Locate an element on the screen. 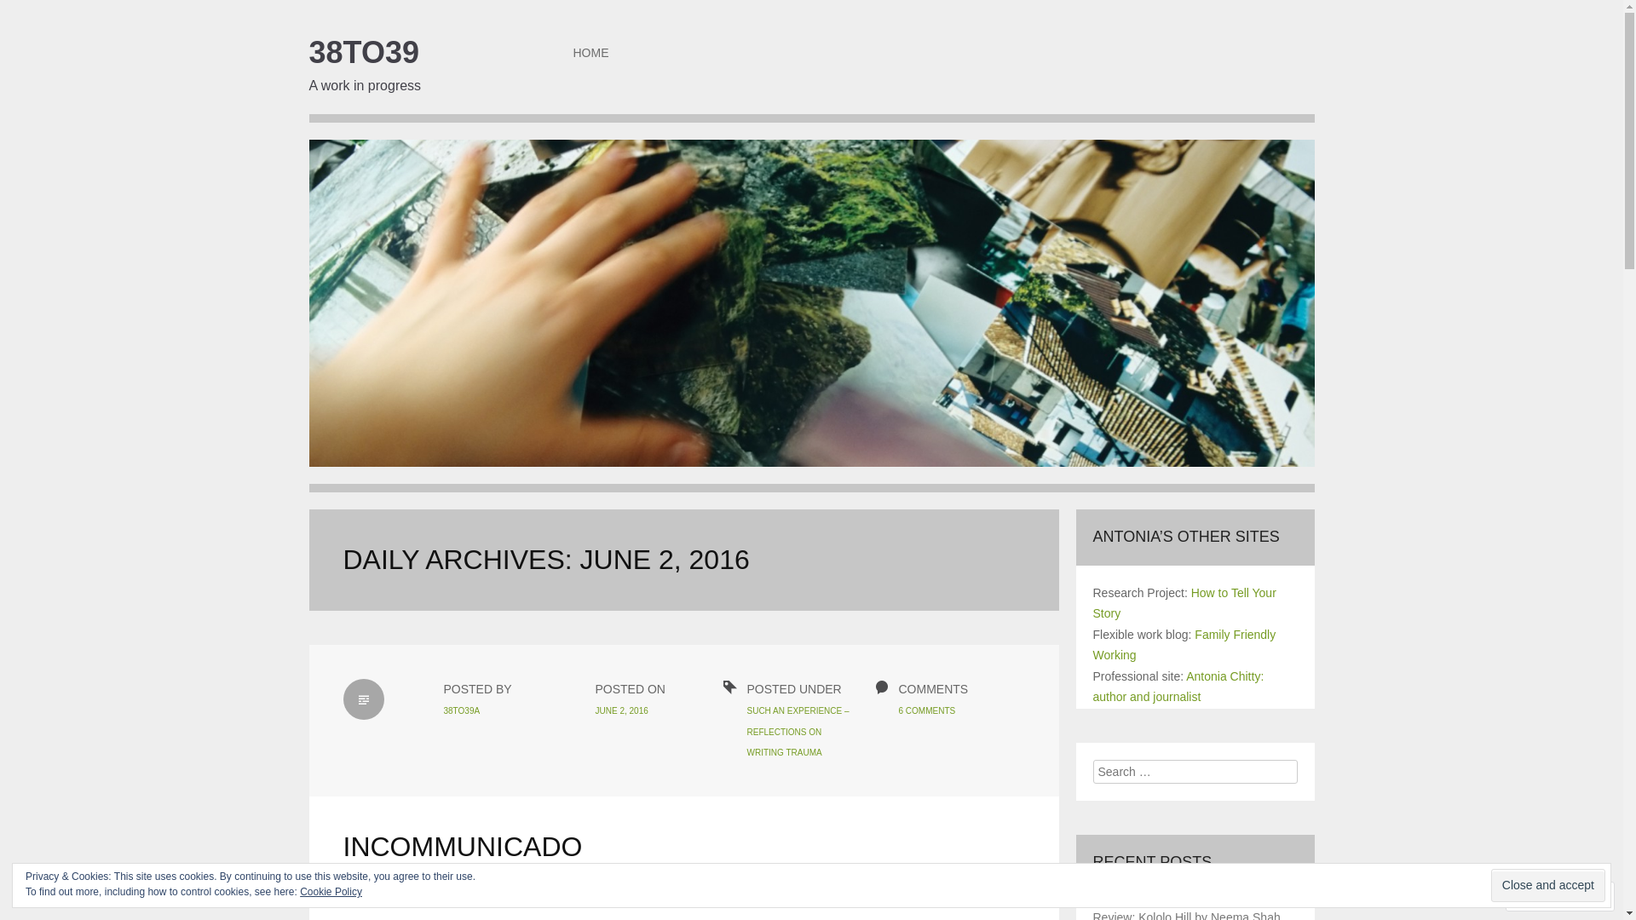  'How to Tell Your Story' is located at coordinates (1183, 602).